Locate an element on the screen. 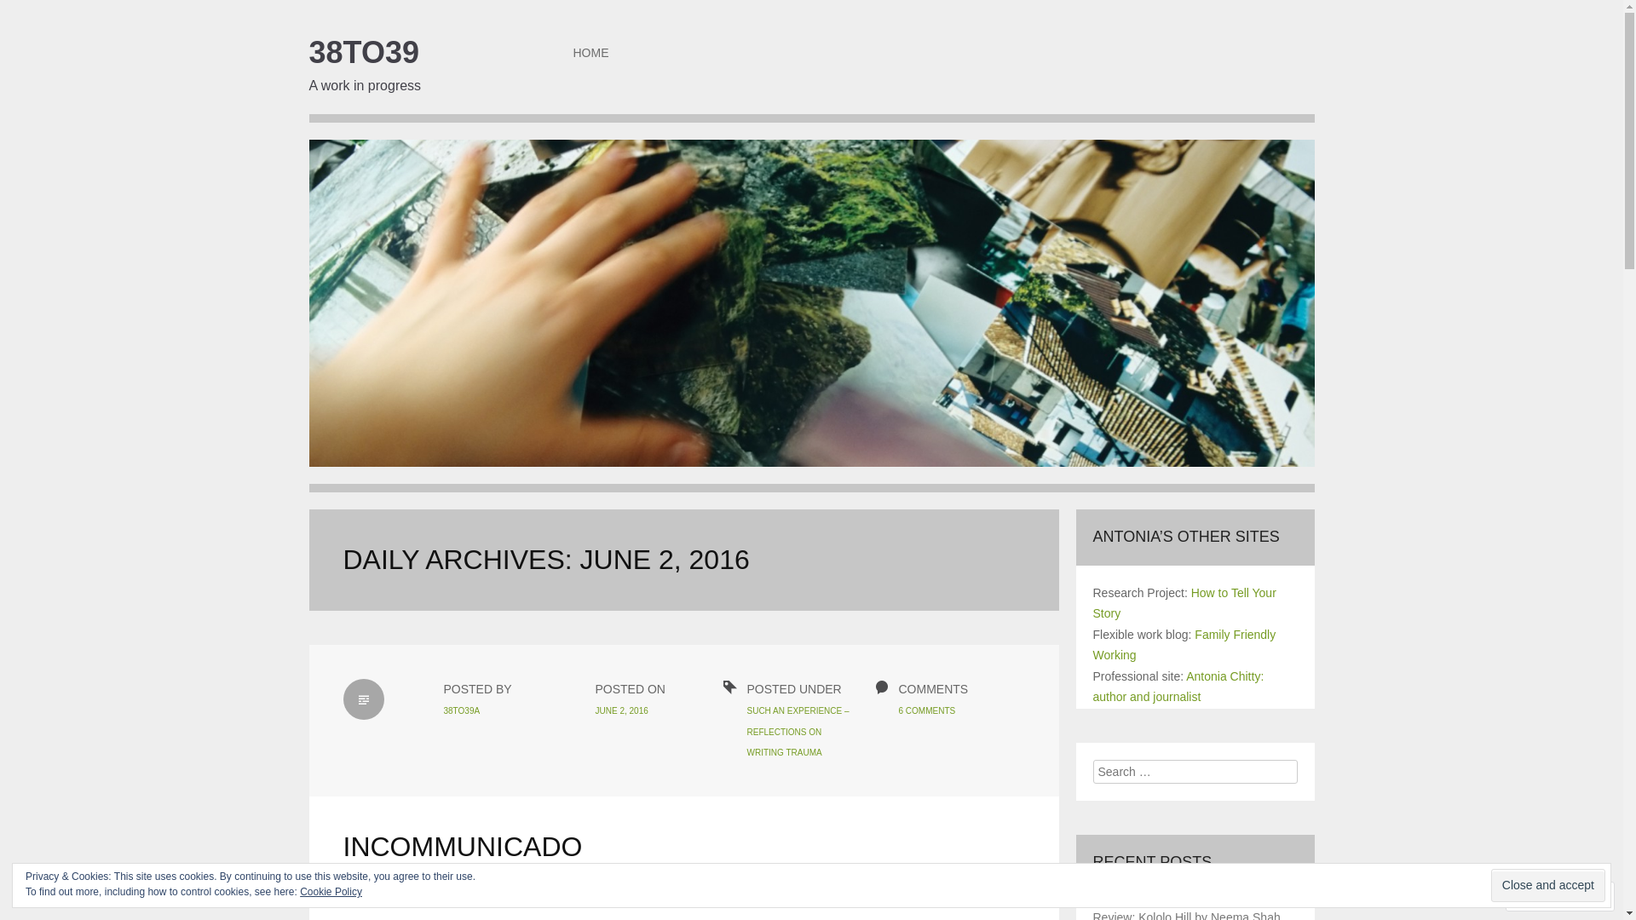  'How to Tell Your Story' is located at coordinates (1183, 602).